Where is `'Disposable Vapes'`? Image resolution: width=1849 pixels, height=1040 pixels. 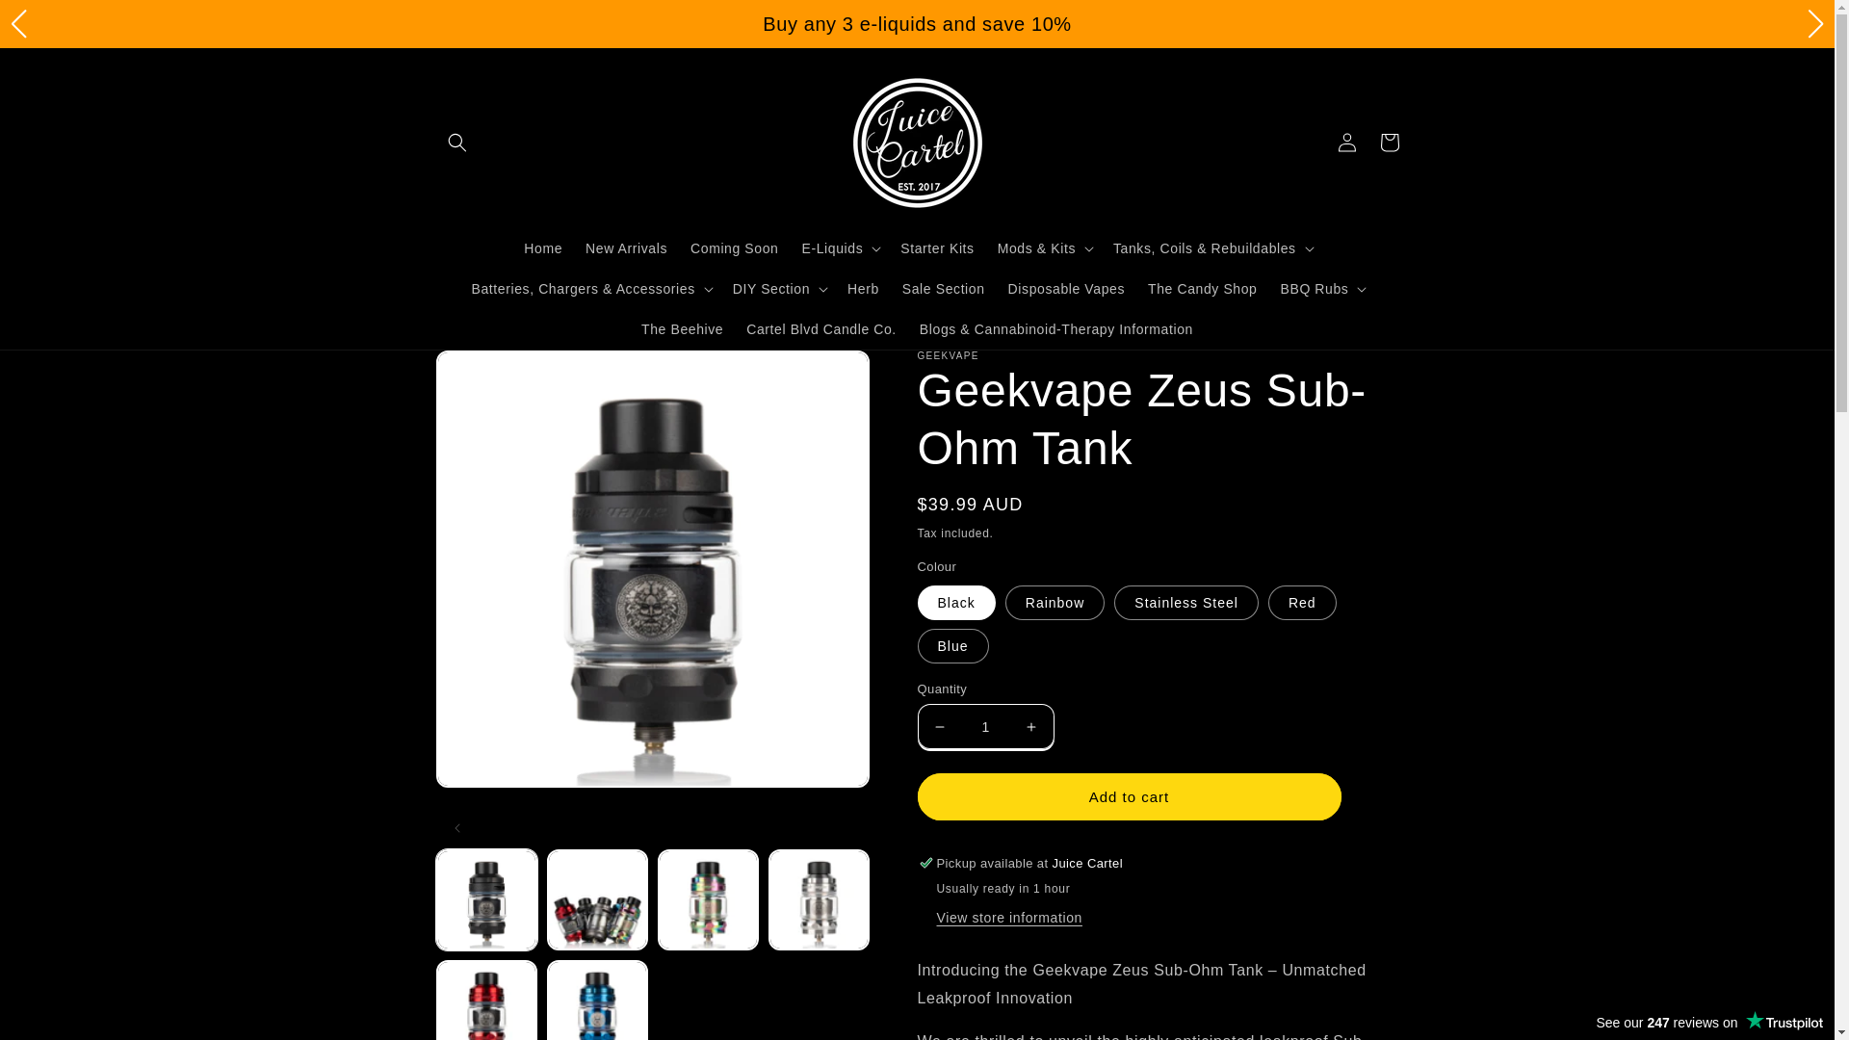
'Disposable Vapes' is located at coordinates (1065, 289).